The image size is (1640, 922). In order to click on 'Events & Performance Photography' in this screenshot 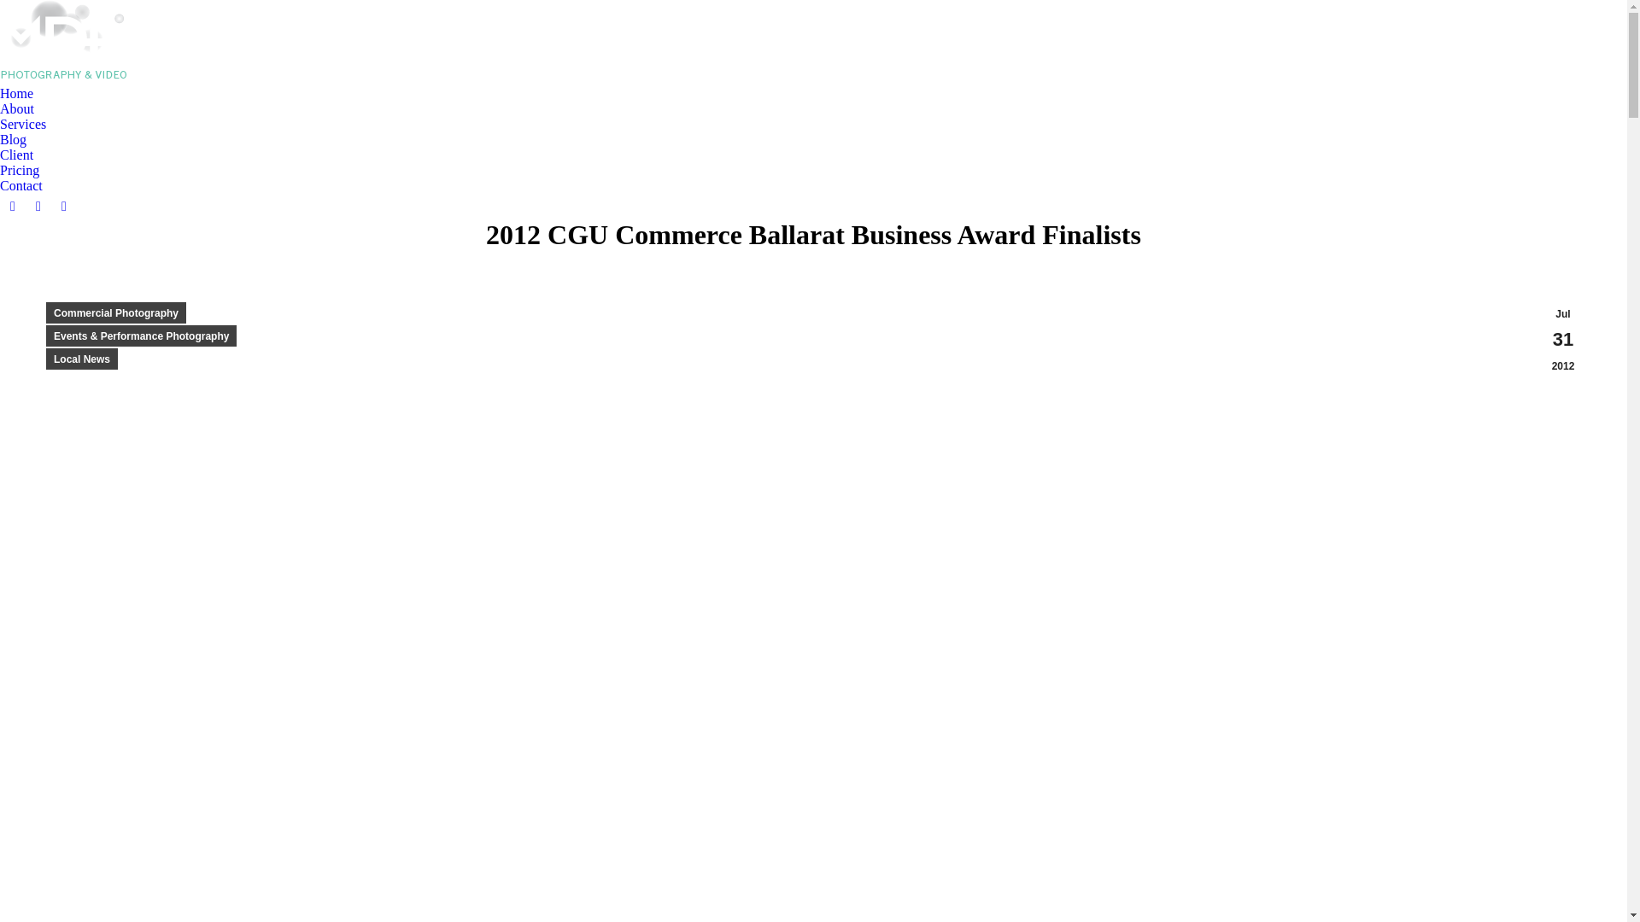, I will do `click(141, 336)`.